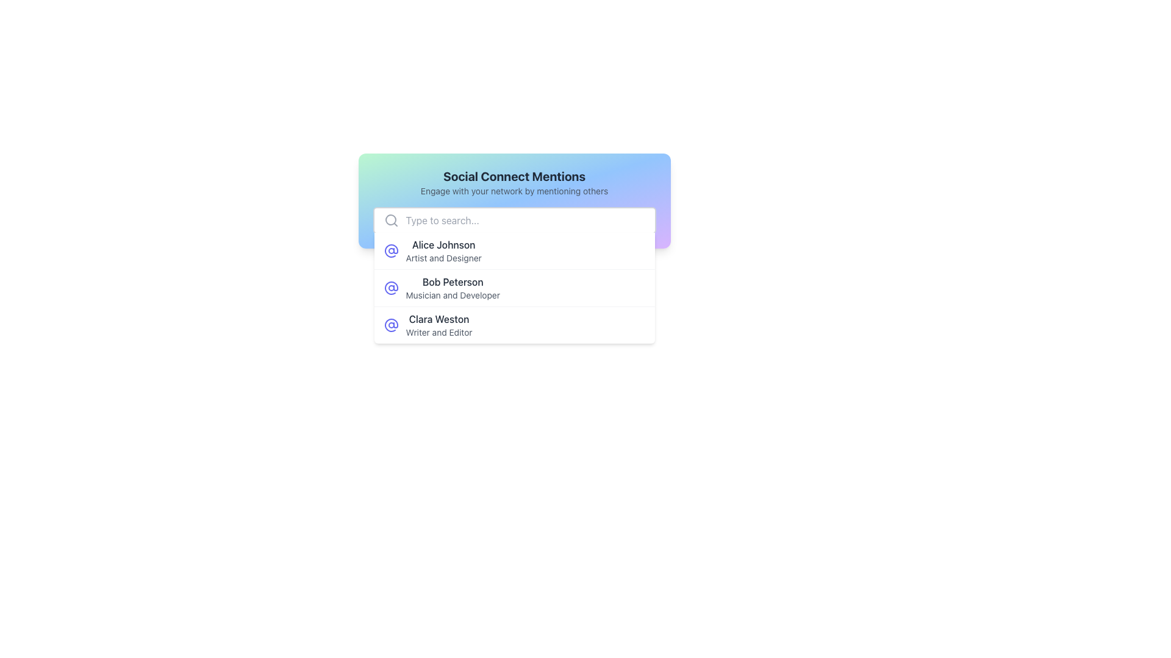 This screenshot has height=658, width=1171. What do you see at coordinates (514, 288) in the screenshot?
I see `the list item representing 'Bob Peterson' in the dropdown menu by clicking on it` at bounding box center [514, 288].